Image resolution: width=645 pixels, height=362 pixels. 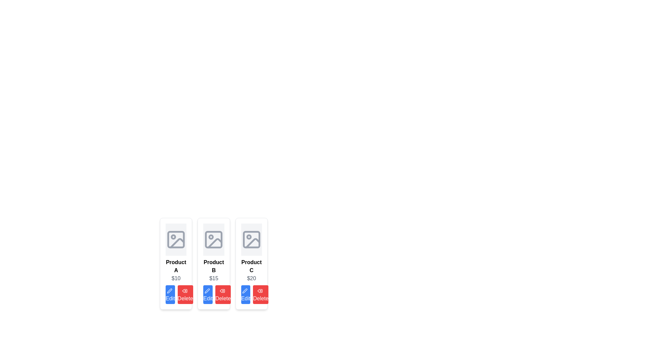 I want to click on product details displayed on the card for 'Product B', which is the second card in a three-column grid layout, so click(x=213, y=263).